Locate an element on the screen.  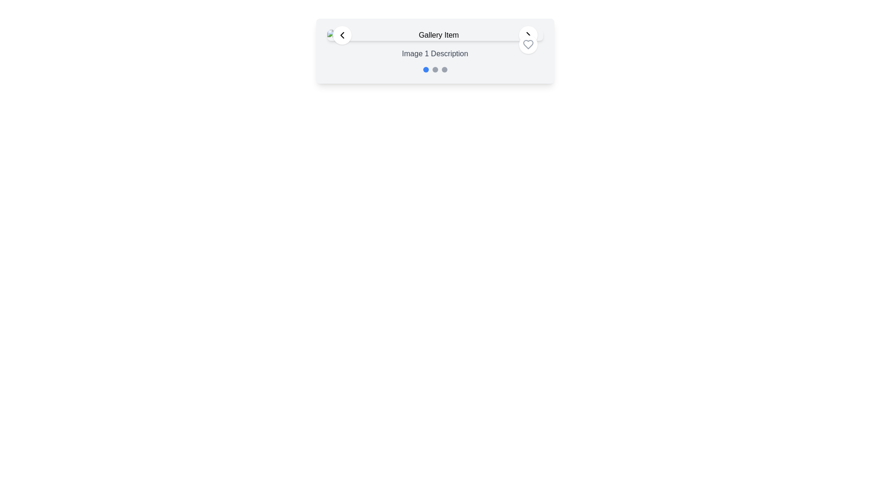
the navigation control icon located inside a circular button on the rightmost section of the interface is located at coordinates (528, 35).